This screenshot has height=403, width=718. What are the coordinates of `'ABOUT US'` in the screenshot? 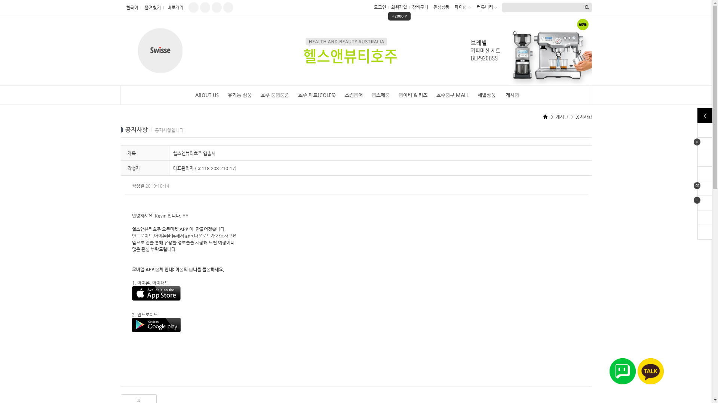 It's located at (207, 94).